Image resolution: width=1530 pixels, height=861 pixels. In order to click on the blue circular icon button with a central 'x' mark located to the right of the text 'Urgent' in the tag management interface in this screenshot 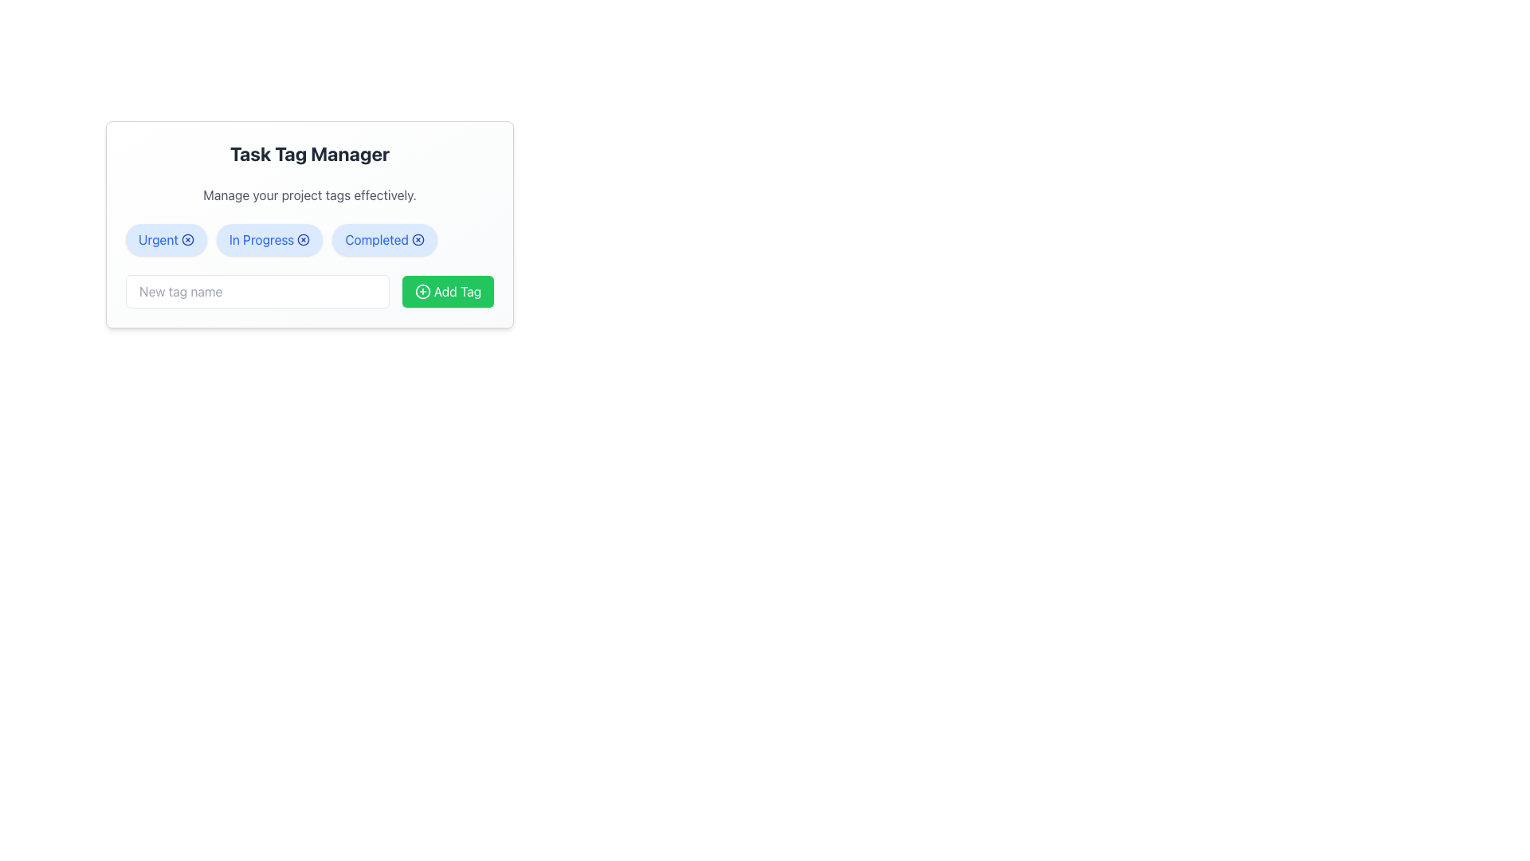, I will do `click(187, 239)`.